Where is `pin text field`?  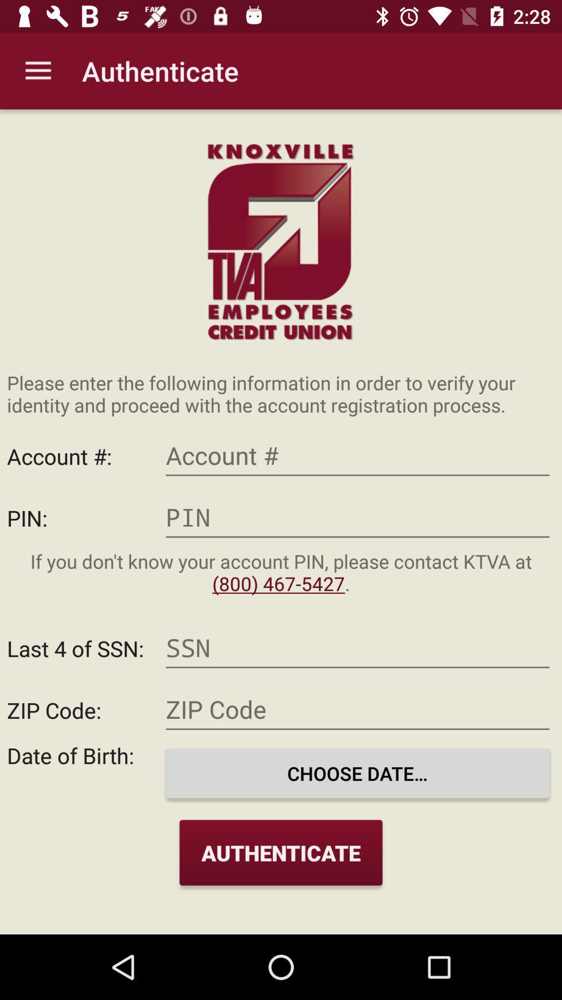 pin text field is located at coordinates (357, 517).